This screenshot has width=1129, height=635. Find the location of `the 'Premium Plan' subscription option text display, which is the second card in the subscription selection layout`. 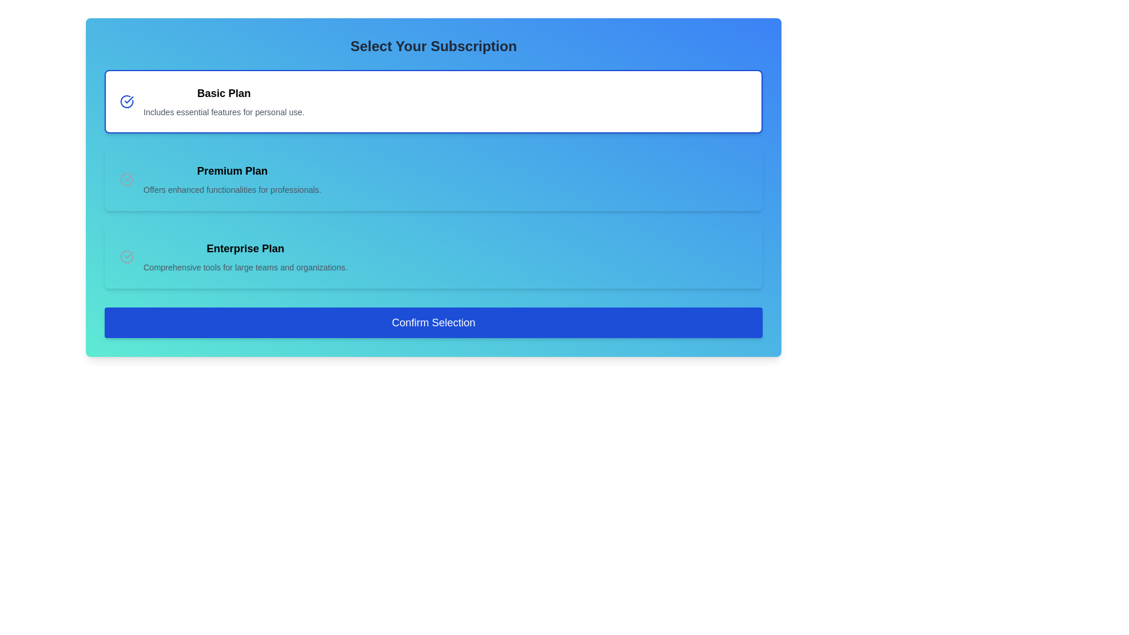

the 'Premium Plan' subscription option text display, which is the second card in the subscription selection layout is located at coordinates (232, 179).